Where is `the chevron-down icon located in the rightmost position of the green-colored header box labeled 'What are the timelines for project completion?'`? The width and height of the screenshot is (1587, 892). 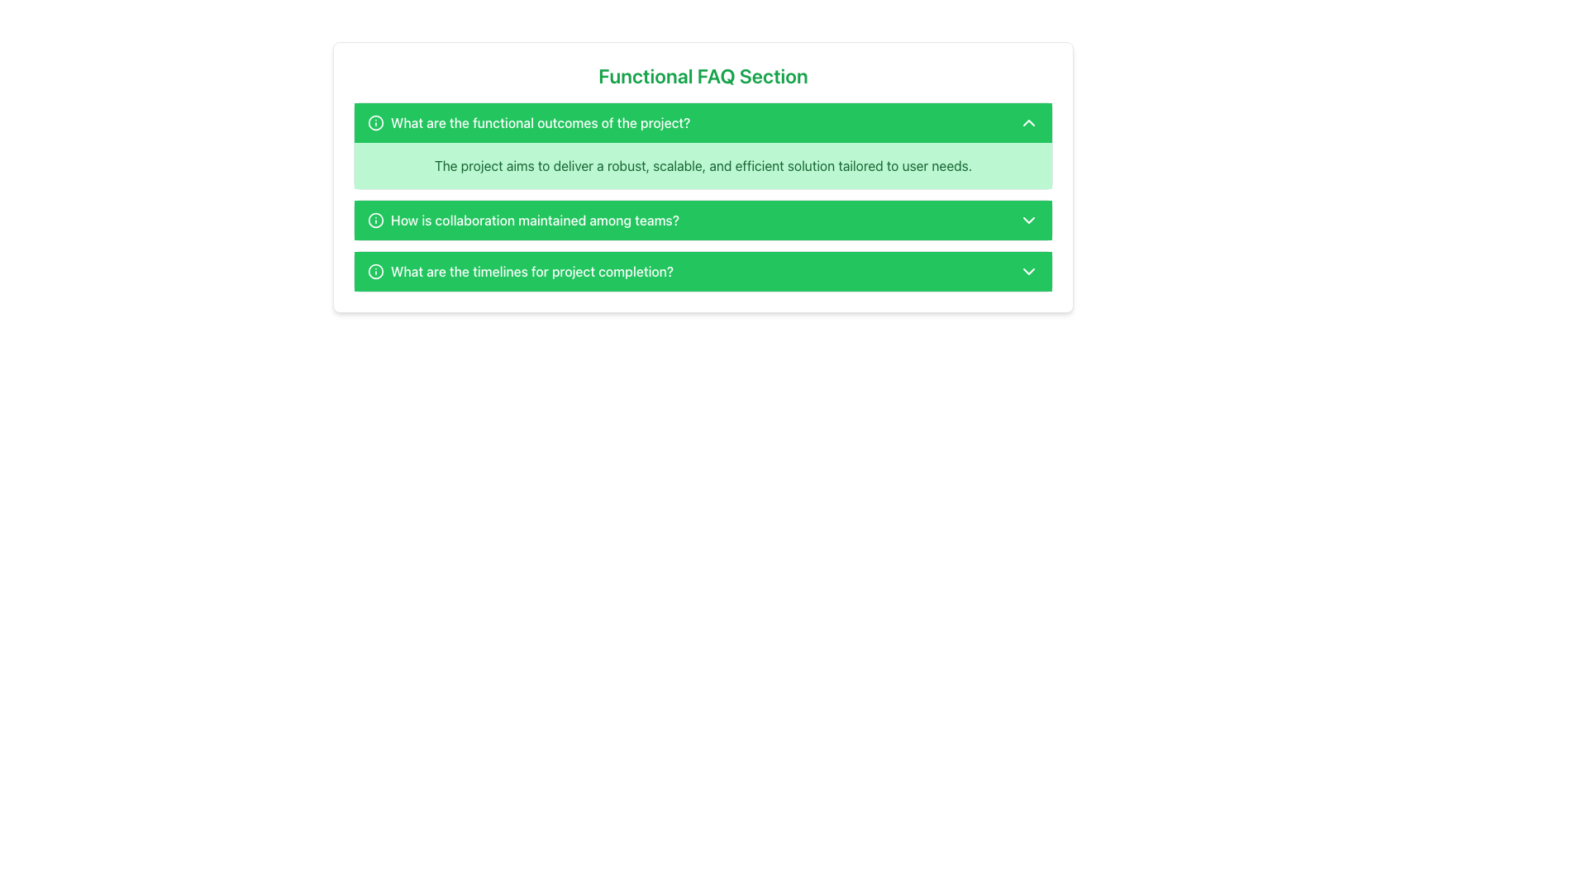 the chevron-down icon located in the rightmost position of the green-colored header box labeled 'What are the timelines for project completion?' is located at coordinates (1027, 270).